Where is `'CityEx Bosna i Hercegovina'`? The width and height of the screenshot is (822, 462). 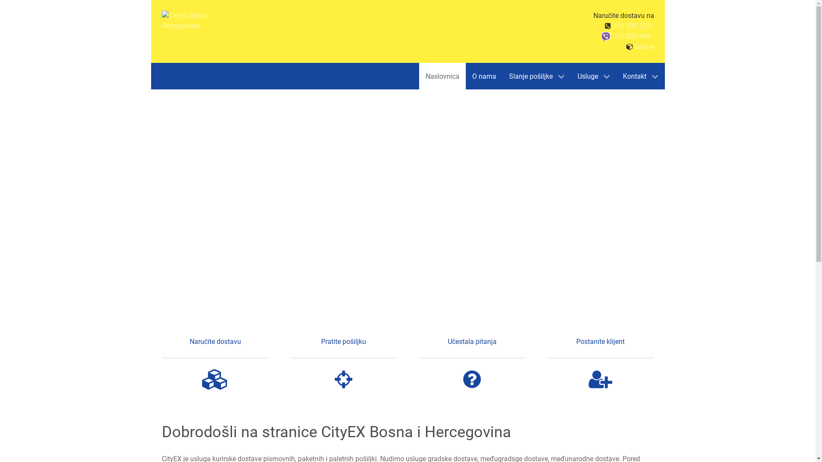 'CityEx Bosna i Hercegovina' is located at coordinates (162, 21).